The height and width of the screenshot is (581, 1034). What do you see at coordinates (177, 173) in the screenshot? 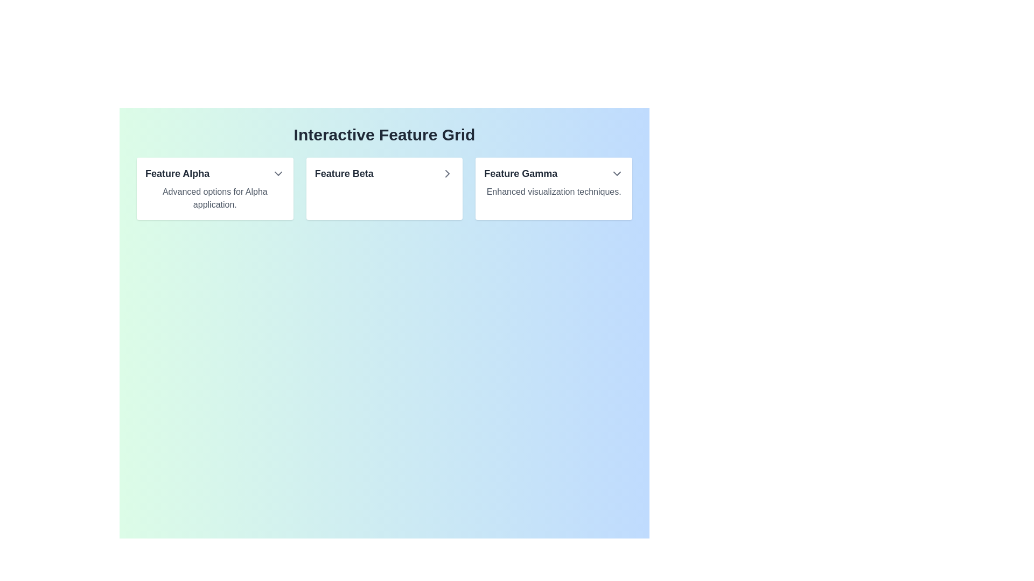
I see `the text label displaying 'Feature Alpha', which is bold, dark grey, and part of the leftmost card in a three-card layout` at bounding box center [177, 173].